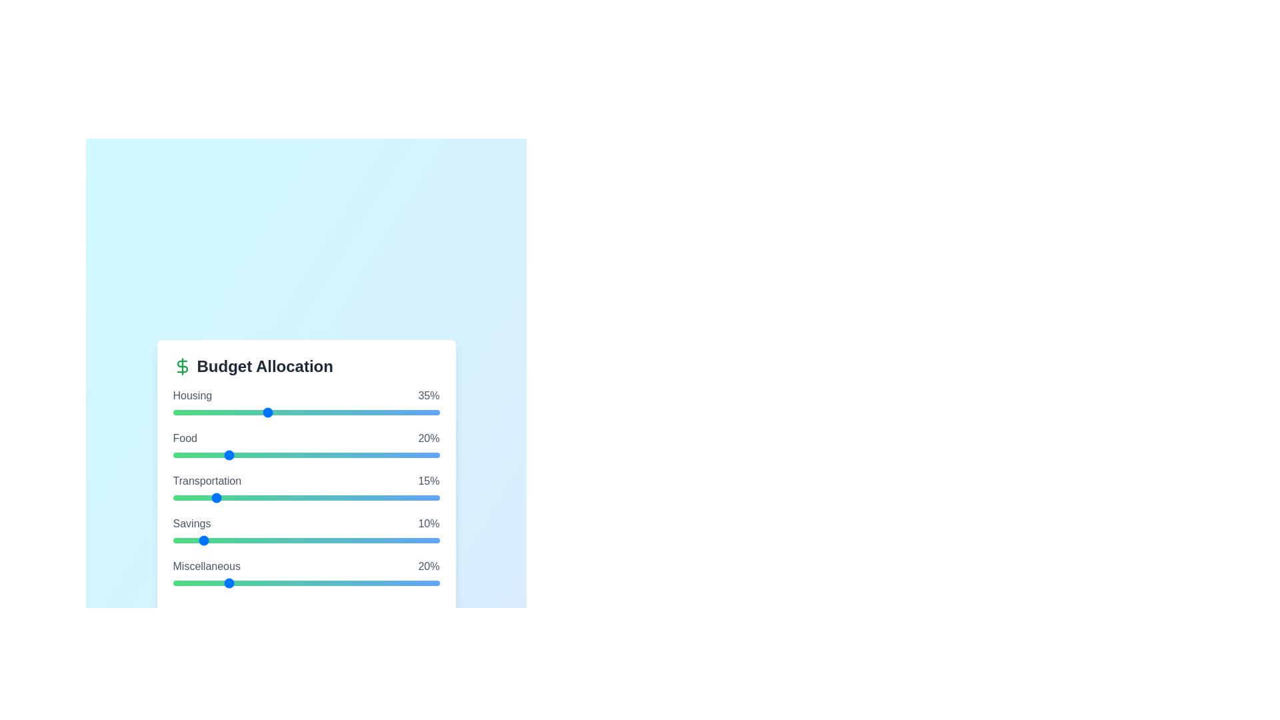 This screenshot has height=720, width=1280. Describe the element at coordinates (212, 411) in the screenshot. I see `the slider for a specific budget category to 15%` at that location.